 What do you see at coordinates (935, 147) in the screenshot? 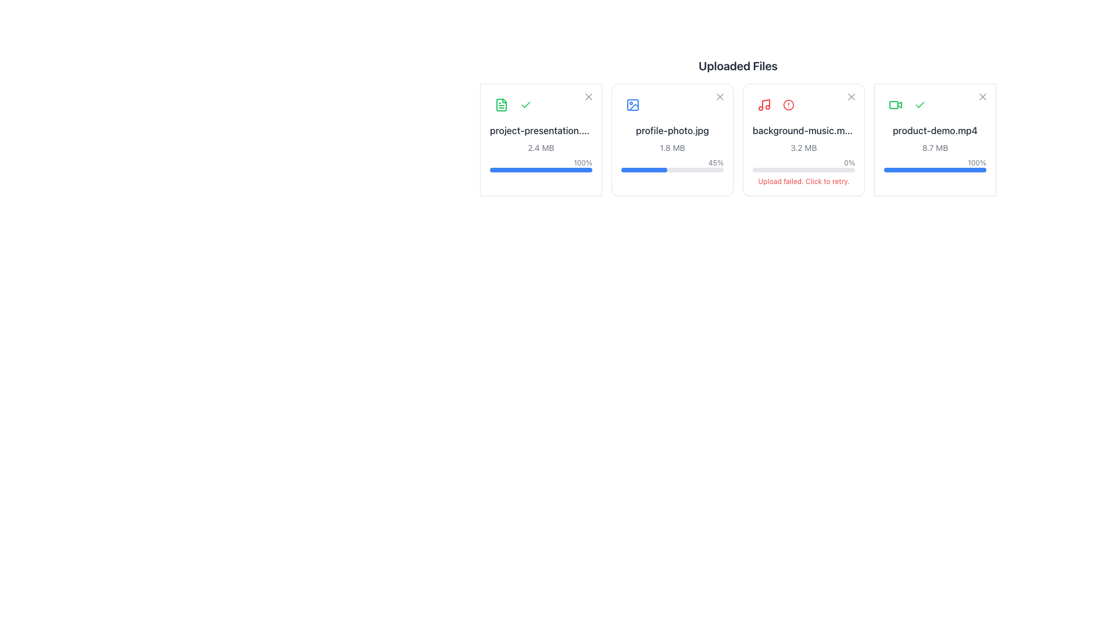
I see `size information from the text label that displays the size of the uploaded file, located on the rightmost file card in the 'Uploaded Files' section, below the filename 'product-demo.mp4'` at bounding box center [935, 147].